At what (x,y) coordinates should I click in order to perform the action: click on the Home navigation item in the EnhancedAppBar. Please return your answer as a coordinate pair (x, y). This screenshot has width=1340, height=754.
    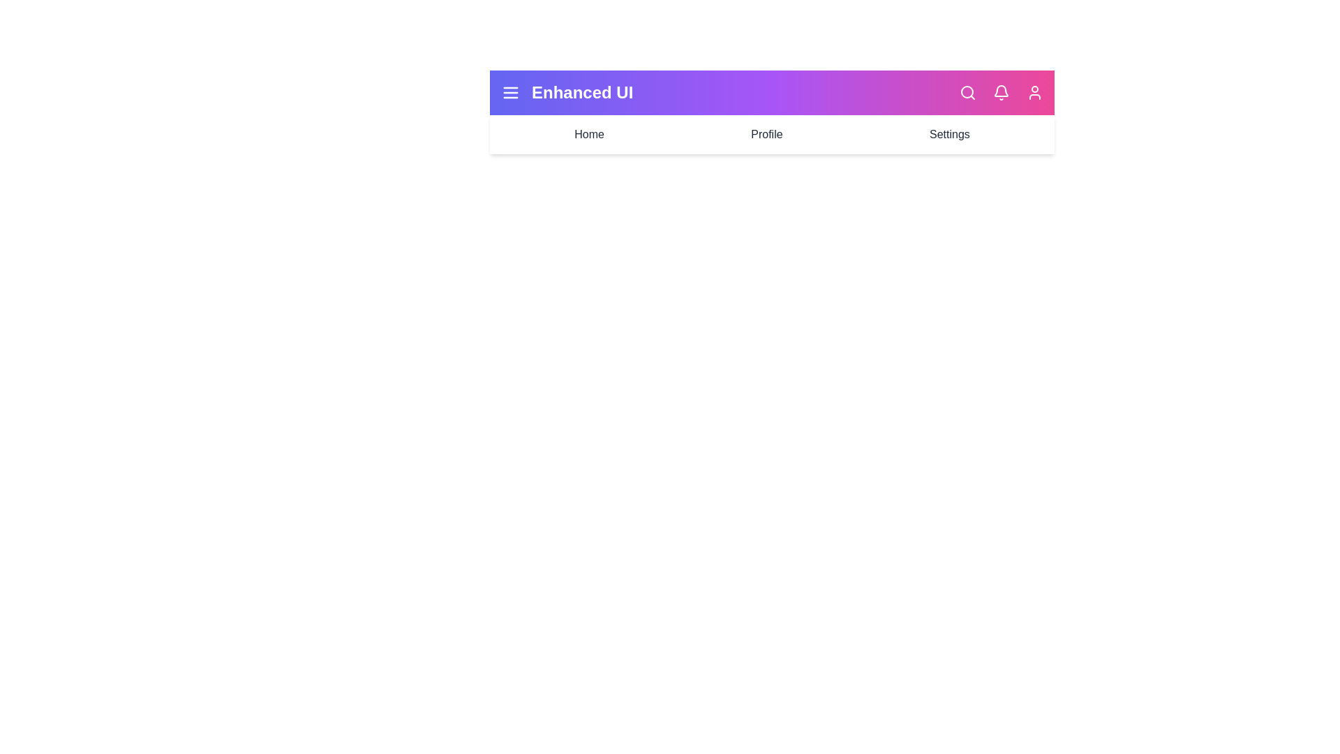
    Looking at the image, I should click on (589, 134).